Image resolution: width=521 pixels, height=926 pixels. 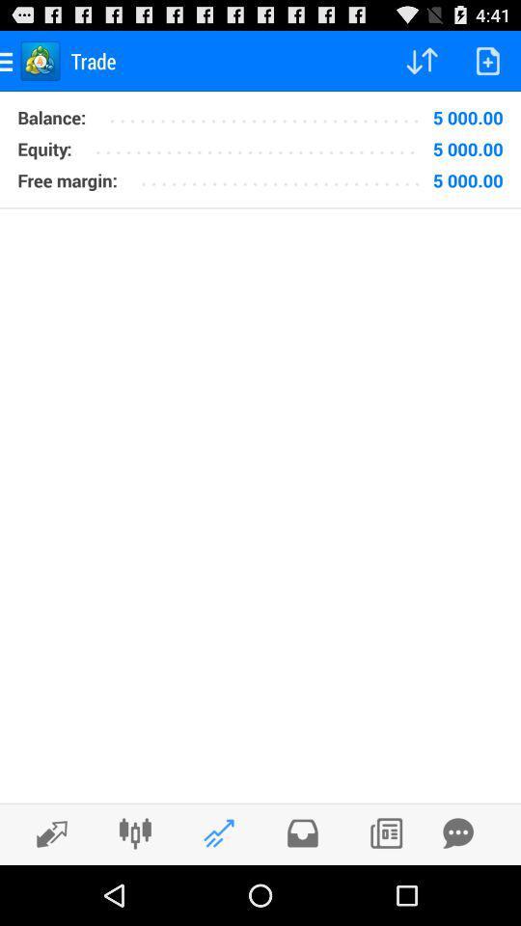 What do you see at coordinates (46, 892) in the screenshot?
I see `the edit icon` at bounding box center [46, 892].